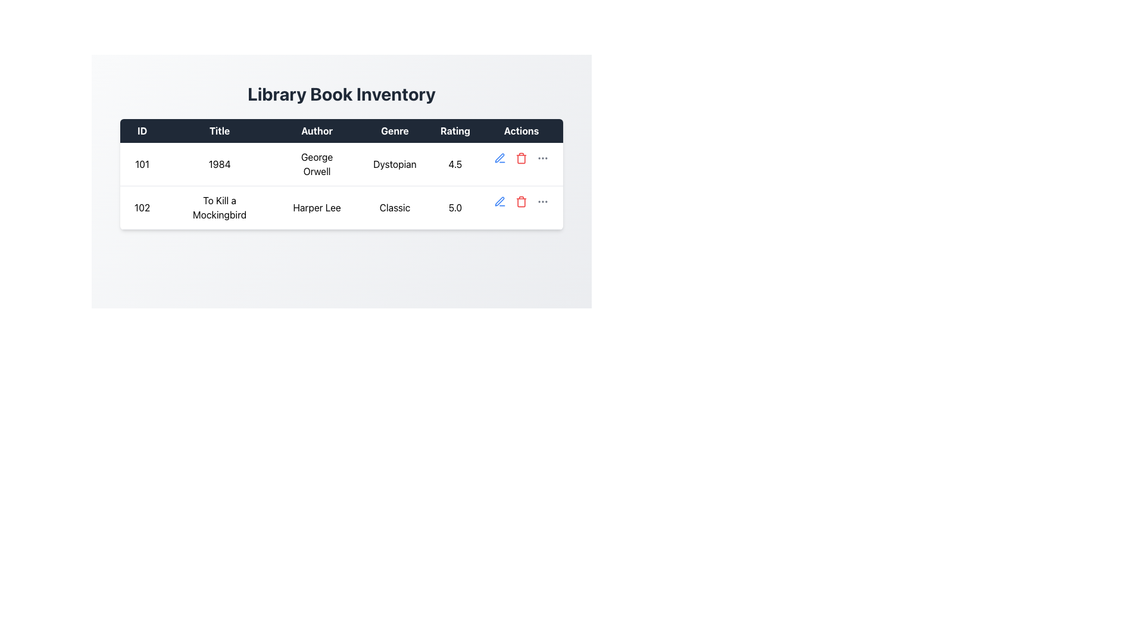 This screenshot has height=643, width=1143. What do you see at coordinates (499, 201) in the screenshot?
I see `the editing icon in the 'Actions' column of the first row in the 'Library Book Inventory' table` at bounding box center [499, 201].